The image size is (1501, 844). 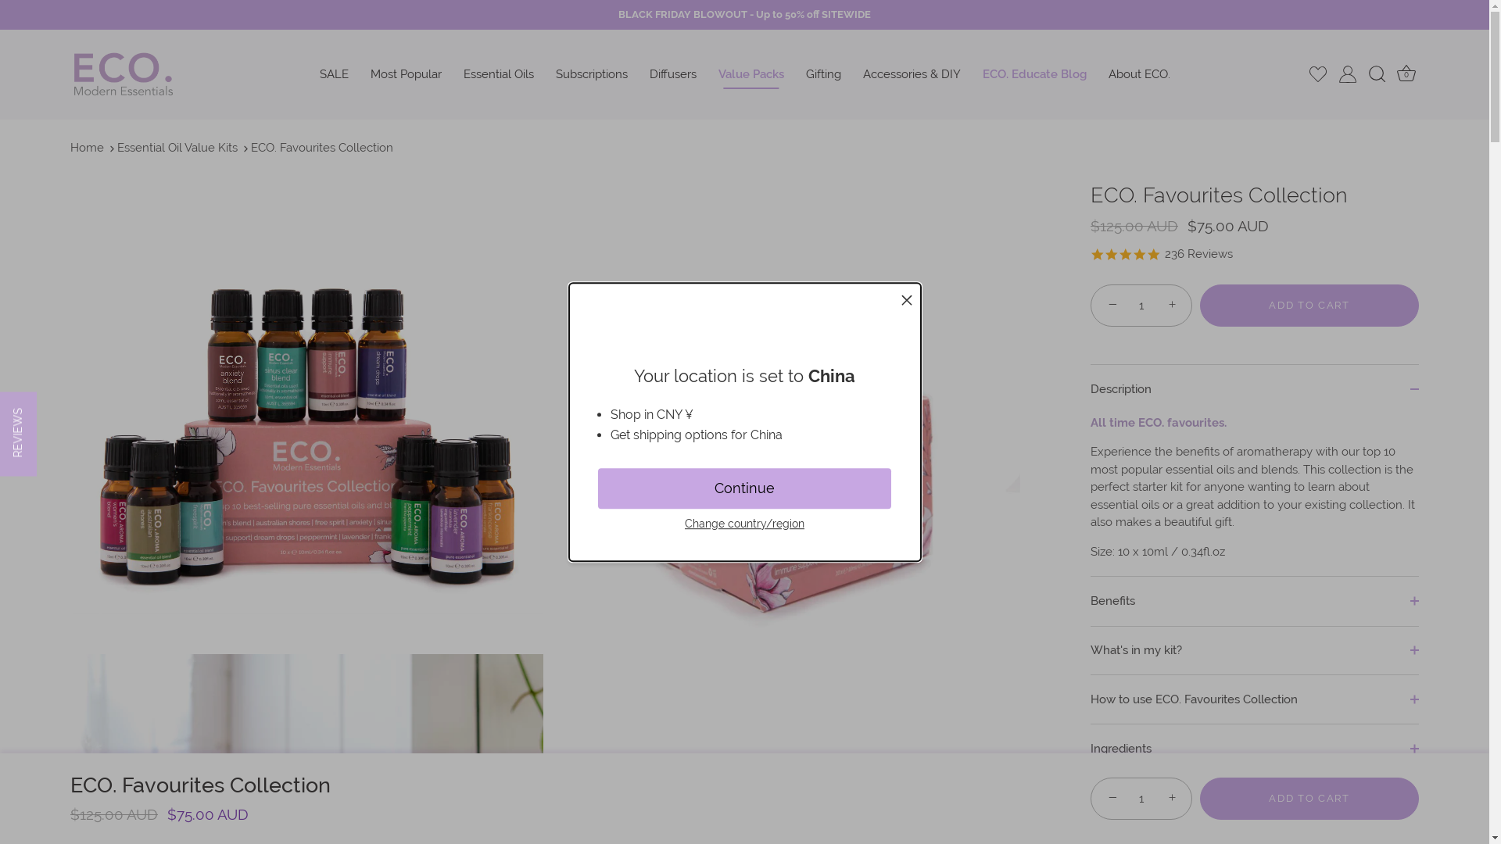 What do you see at coordinates (116, 148) in the screenshot?
I see `'Essential Oil Value Kits'` at bounding box center [116, 148].